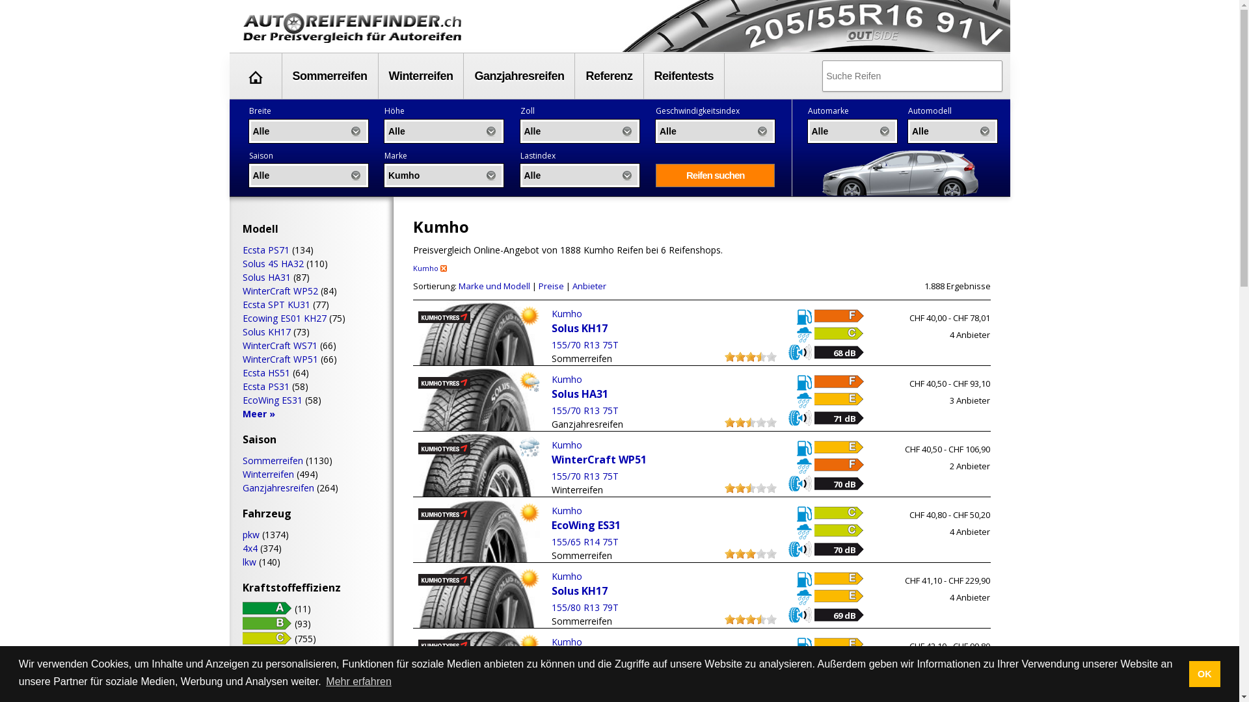 The width and height of the screenshot is (1249, 702). What do you see at coordinates (358, 681) in the screenshot?
I see `'Mehr erfahren'` at bounding box center [358, 681].